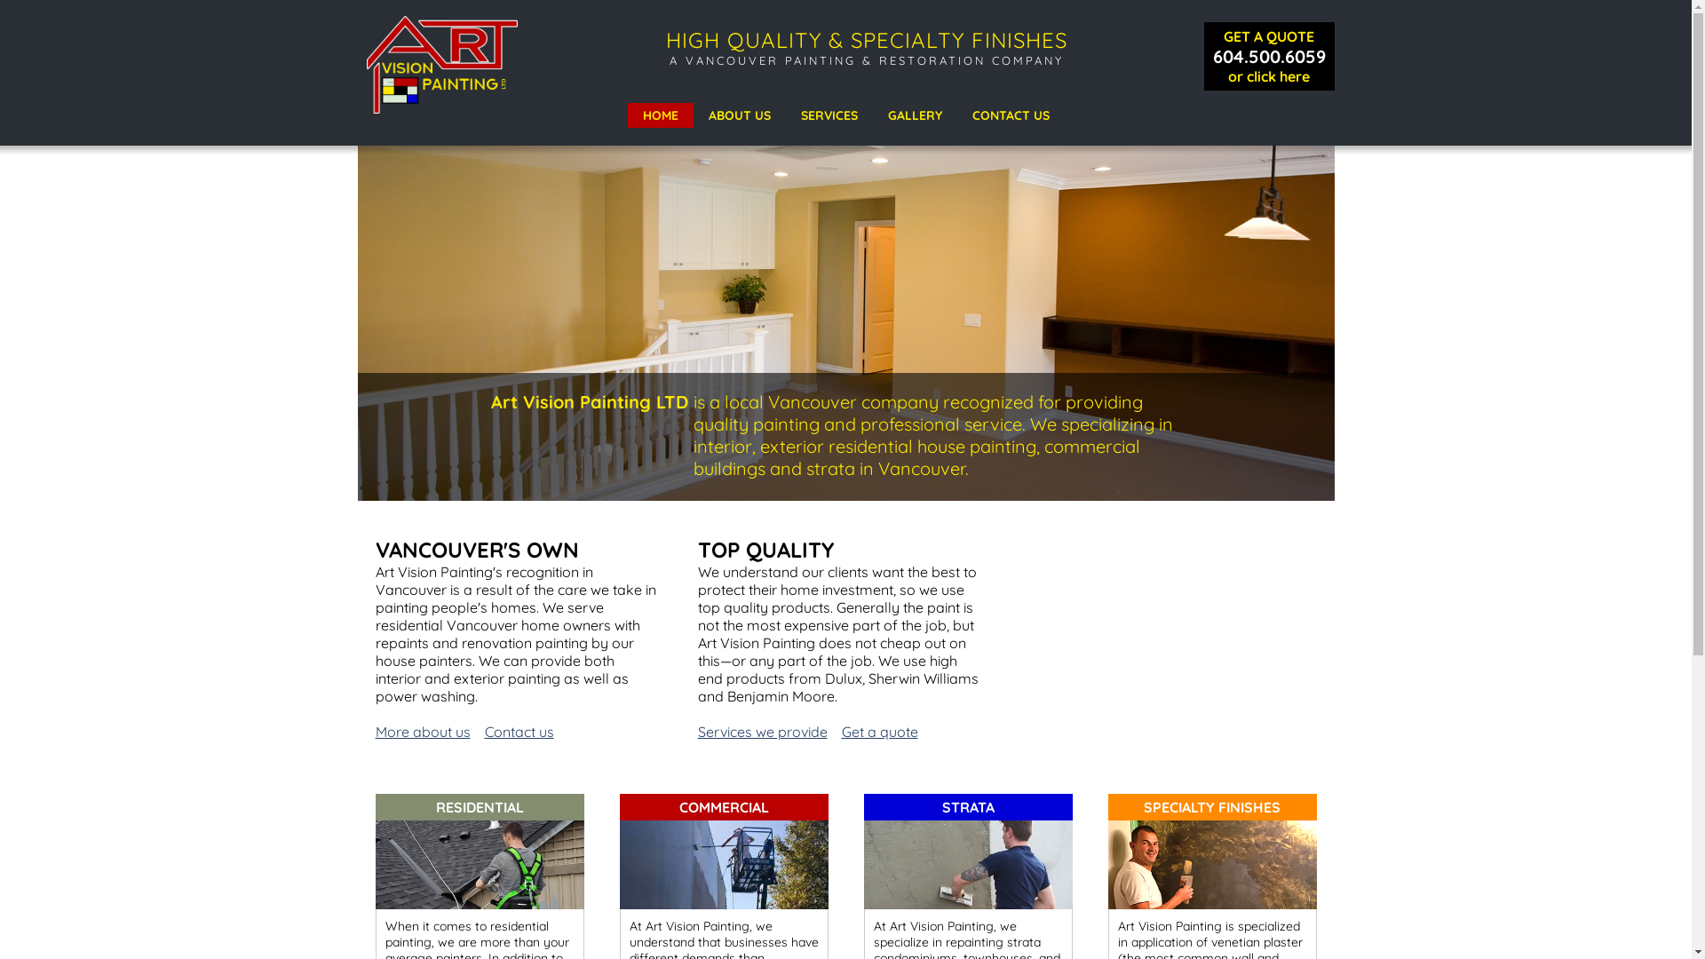 The height and width of the screenshot is (959, 1705). What do you see at coordinates (697, 732) in the screenshot?
I see `'Services we provide'` at bounding box center [697, 732].